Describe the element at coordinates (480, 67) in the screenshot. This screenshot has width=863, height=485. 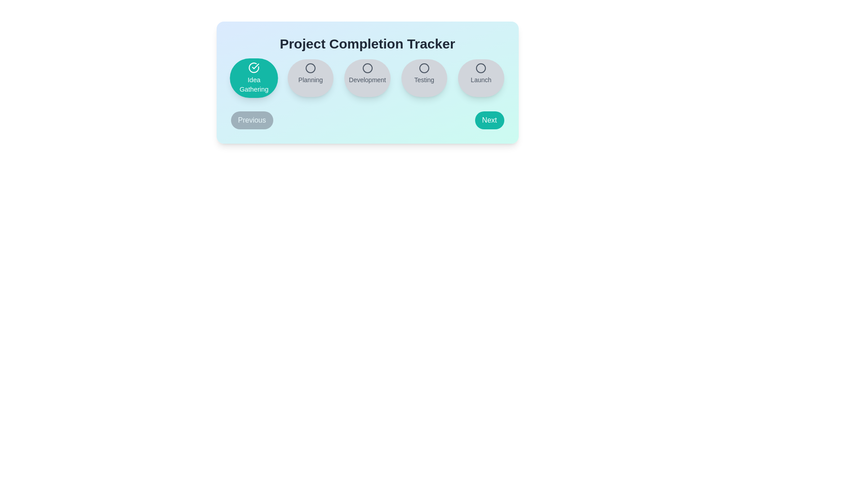
I see `the 'Launch' step indicator in the project completion tracker, which is represented by an icon at the rightmost section of the tracker` at that location.